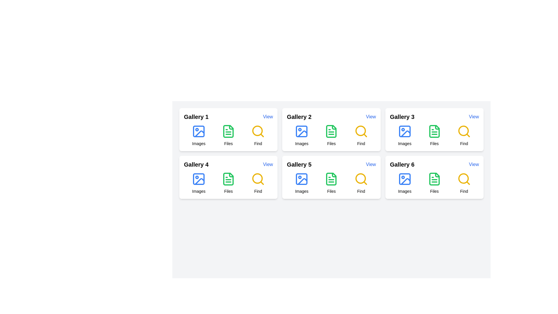 This screenshot has height=314, width=558. I want to click on the decorative graphical vector shape located in the lower portion of the image icon within the first item of the second row of gallery cards in 'Gallery 5', so click(302, 181).